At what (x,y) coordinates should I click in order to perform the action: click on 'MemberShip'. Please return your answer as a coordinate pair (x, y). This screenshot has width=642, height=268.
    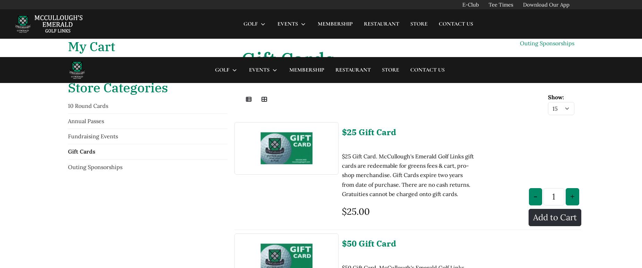
    Looking at the image, I should click on (306, 12).